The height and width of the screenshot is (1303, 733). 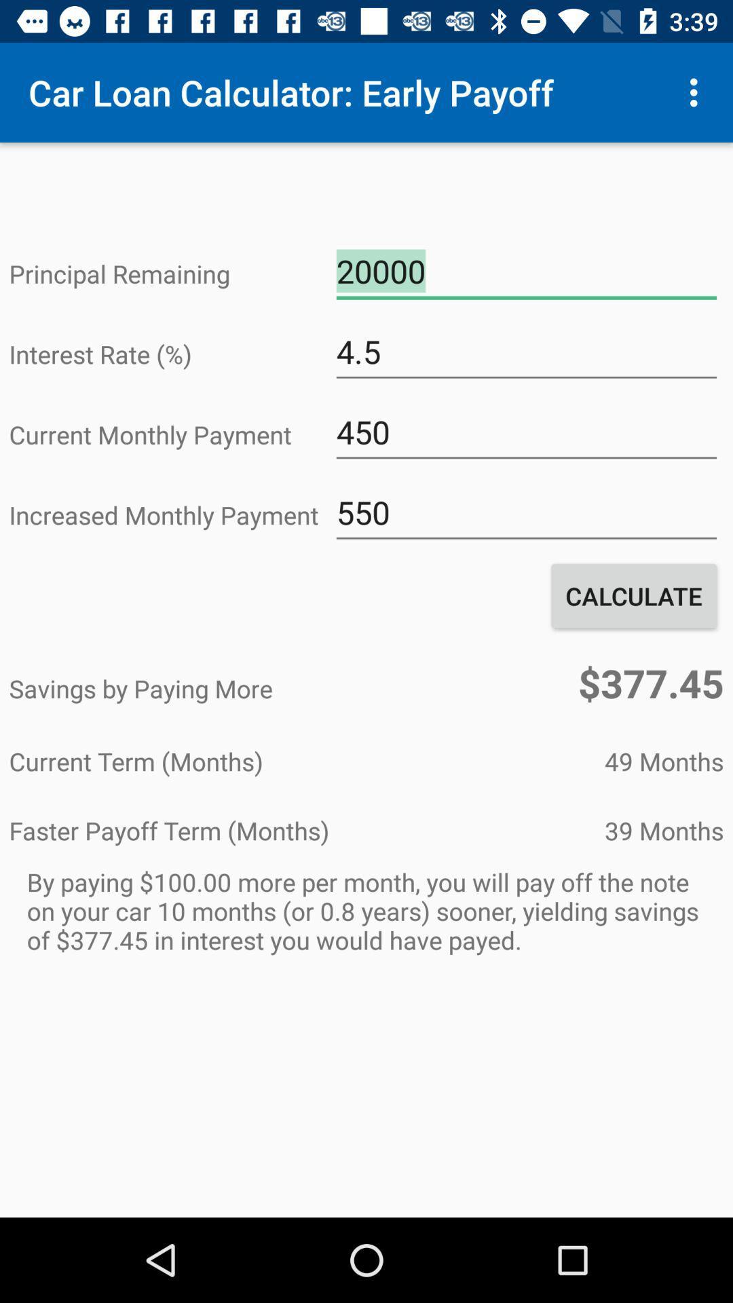 What do you see at coordinates (525, 432) in the screenshot?
I see `450 icon` at bounding box center [525, 432].